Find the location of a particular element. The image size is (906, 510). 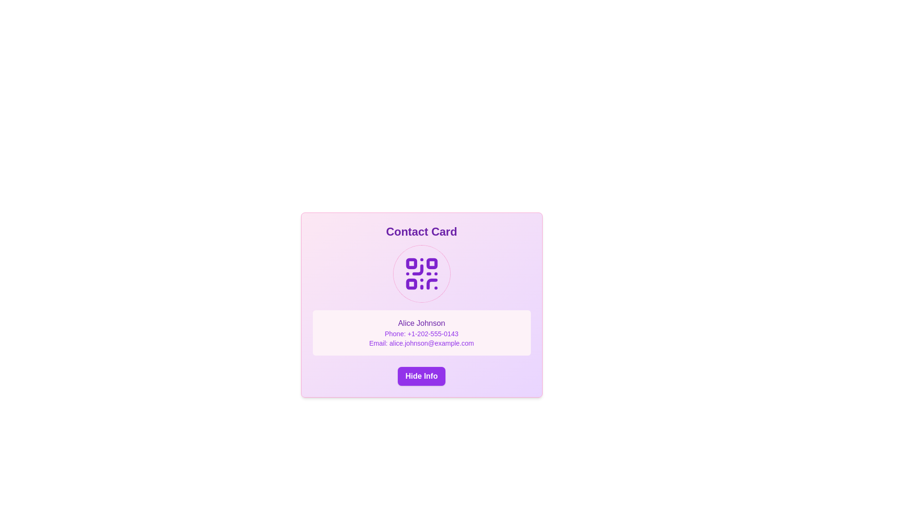

the decorative vector graphic segment located at the bottom-right corner of the QR code illustration is located at coordinates (431, 283).